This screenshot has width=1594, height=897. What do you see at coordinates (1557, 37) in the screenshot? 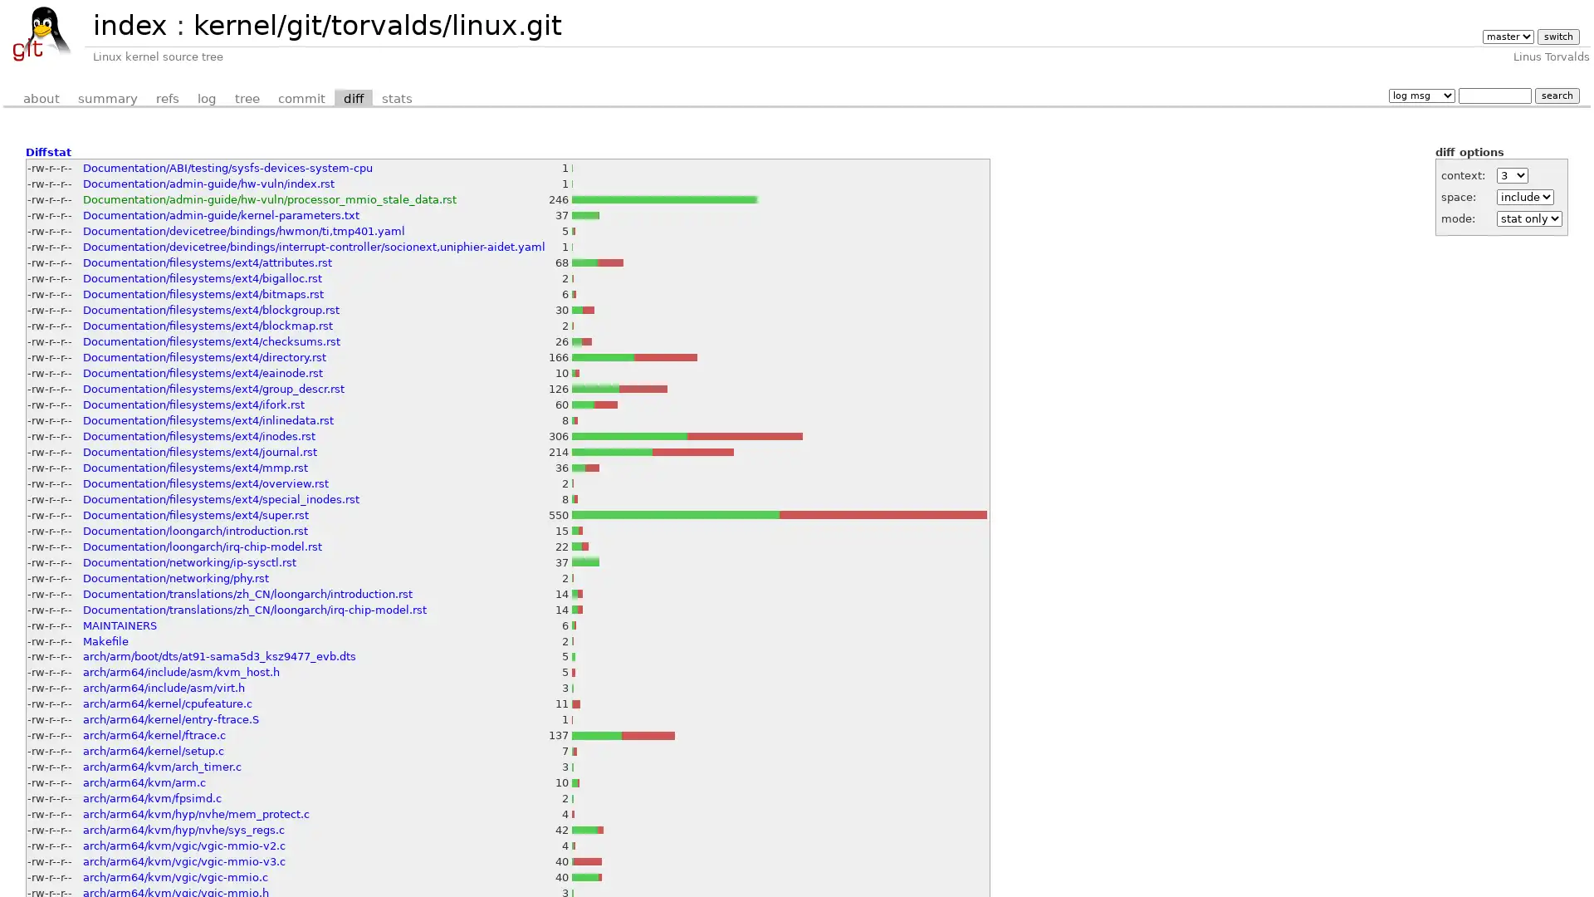
I see `switch` at bounding box center [1557, 37].